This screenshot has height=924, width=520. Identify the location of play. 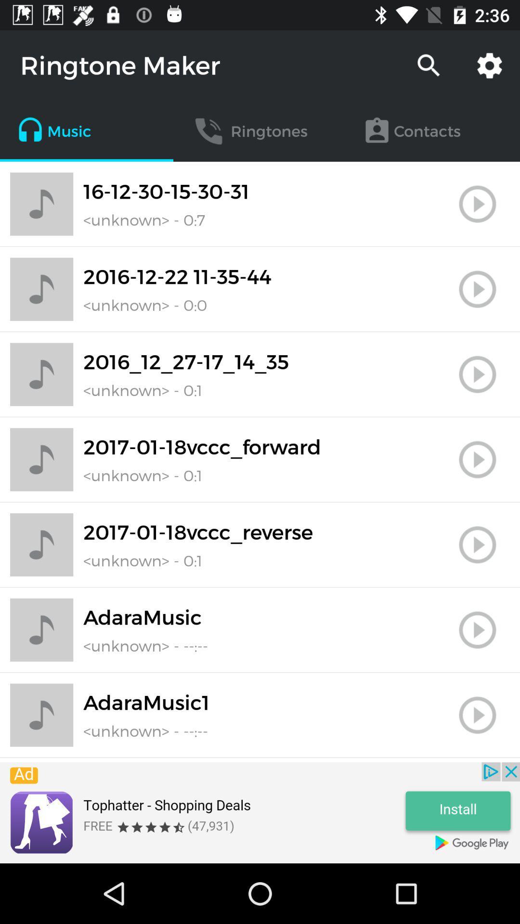
(477, 715).